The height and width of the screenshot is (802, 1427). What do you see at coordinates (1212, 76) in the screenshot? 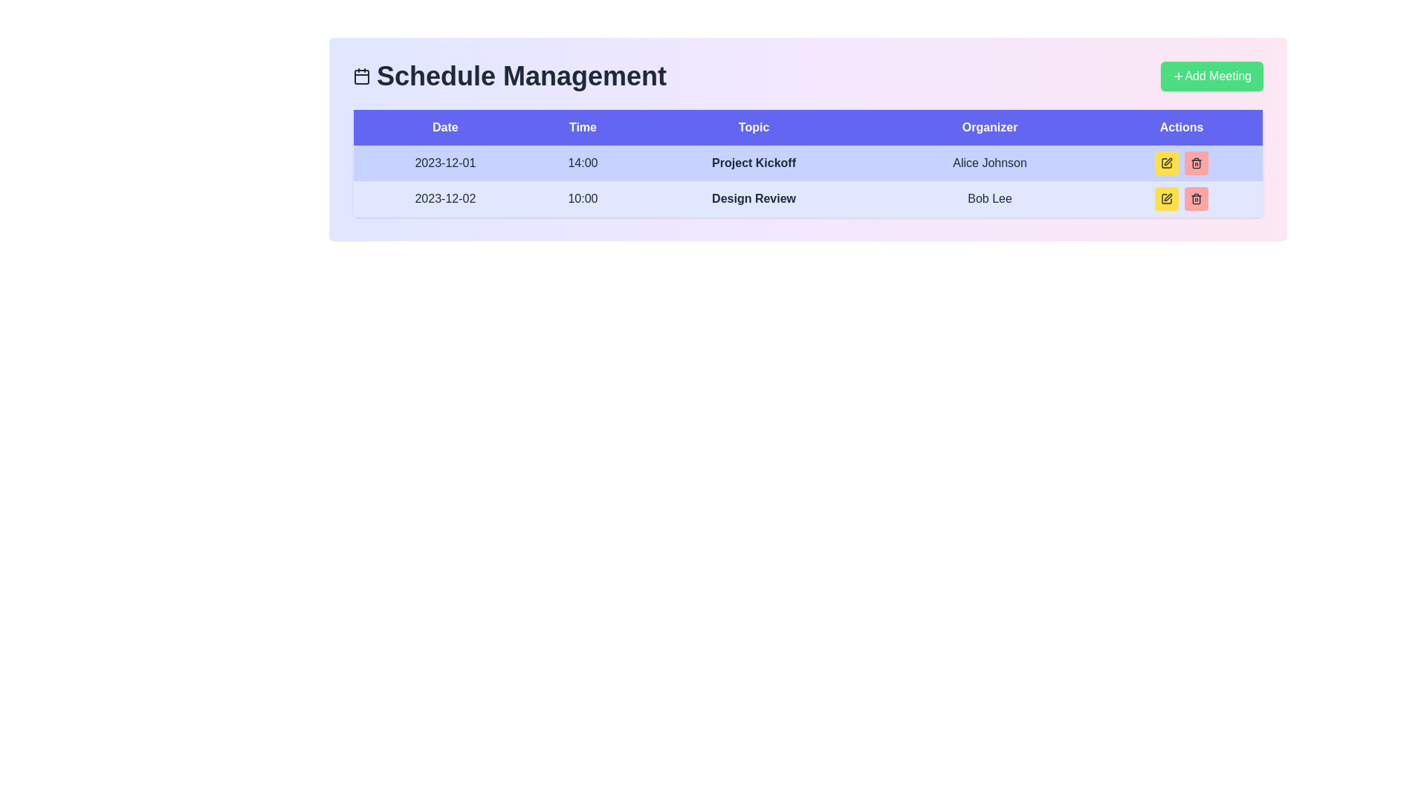
I see `the '+ Add Meeting' button with a green background and a plus sign icon` at bounding box center [1212, 76].